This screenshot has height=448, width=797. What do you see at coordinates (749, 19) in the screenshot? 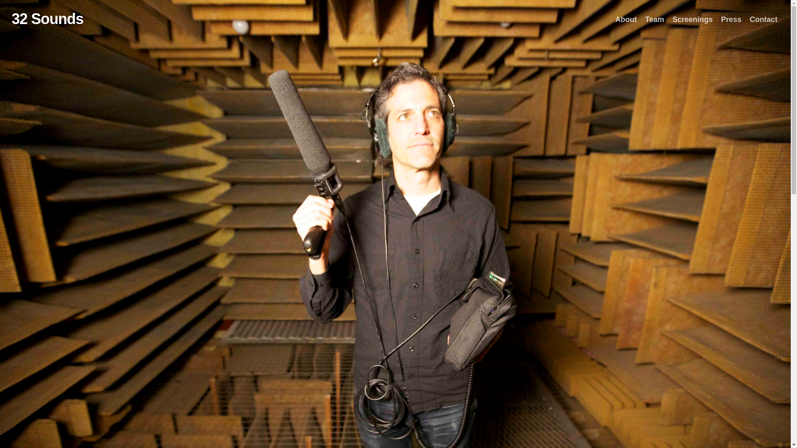
I see `'Contact'` at bounding box center [749, 19].